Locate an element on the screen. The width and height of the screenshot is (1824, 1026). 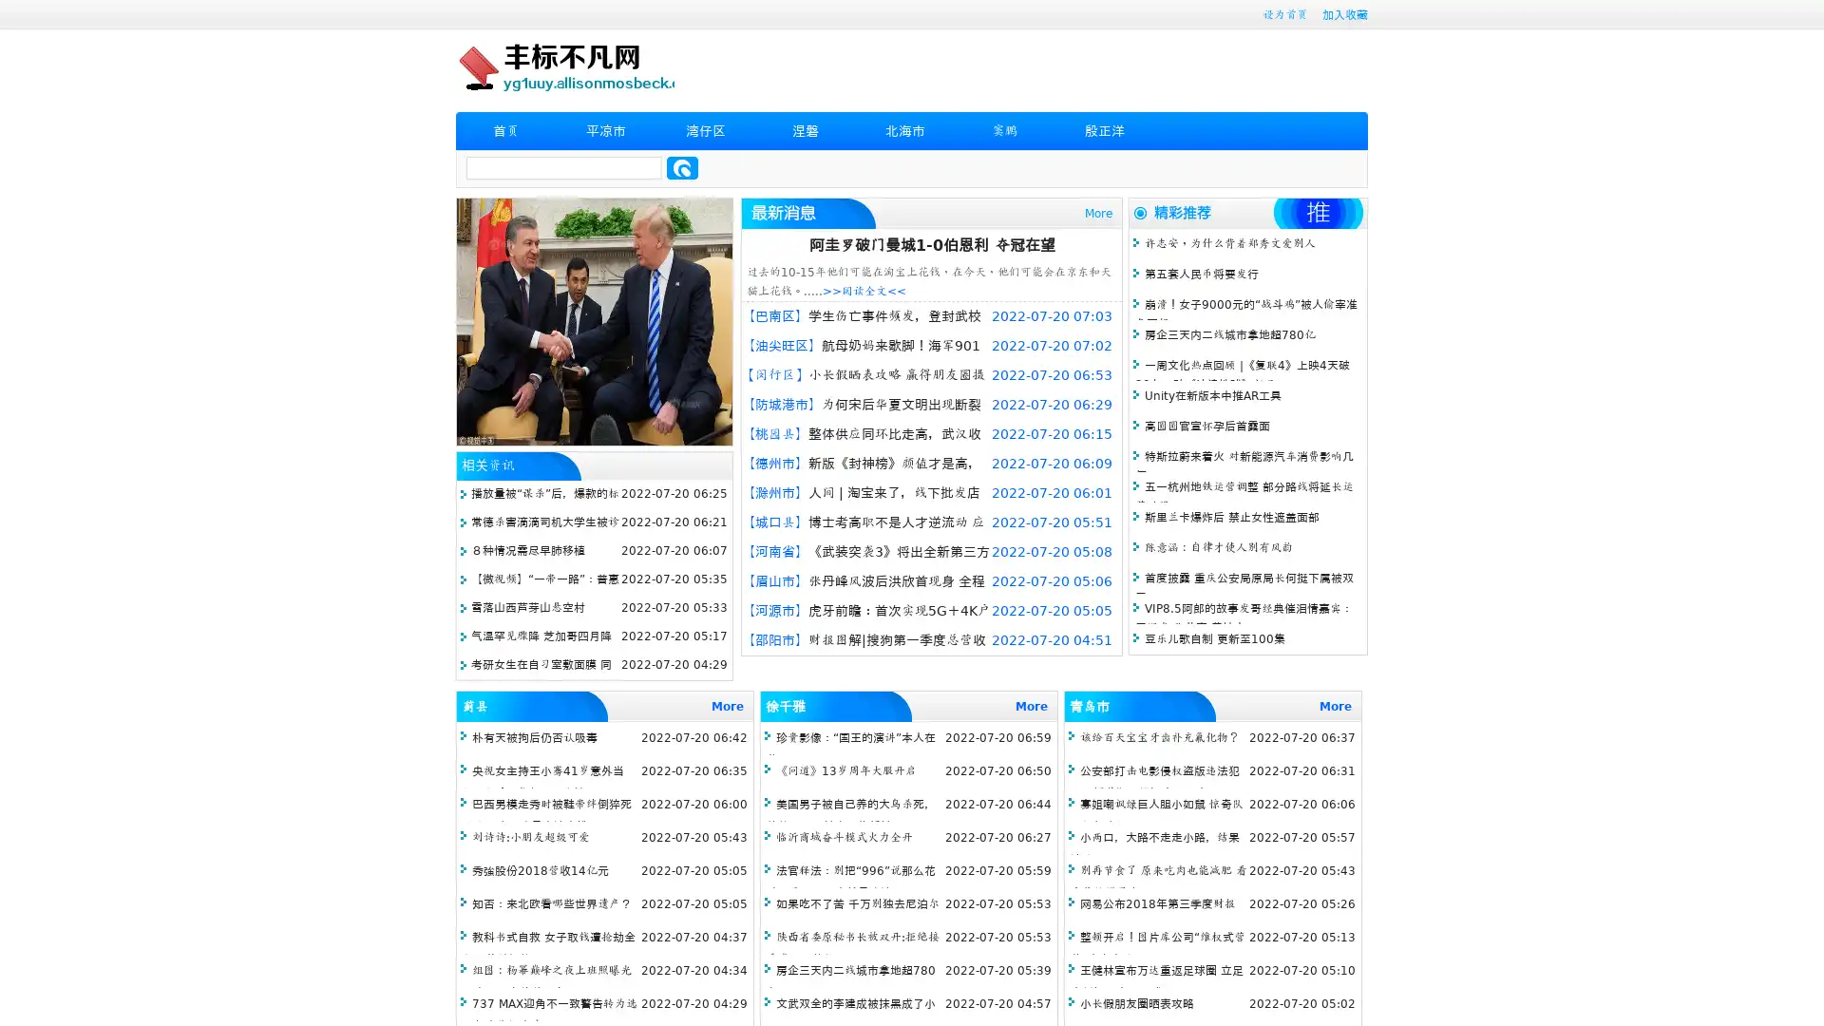
Search is located at coordinates (682, 167).